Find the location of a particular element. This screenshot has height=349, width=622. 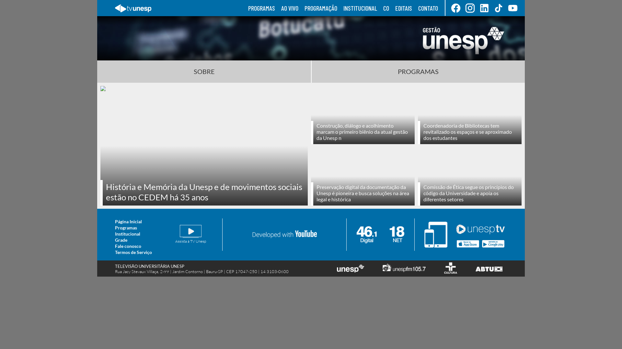

'AO VIVO' is located at coordinates (289, 8).